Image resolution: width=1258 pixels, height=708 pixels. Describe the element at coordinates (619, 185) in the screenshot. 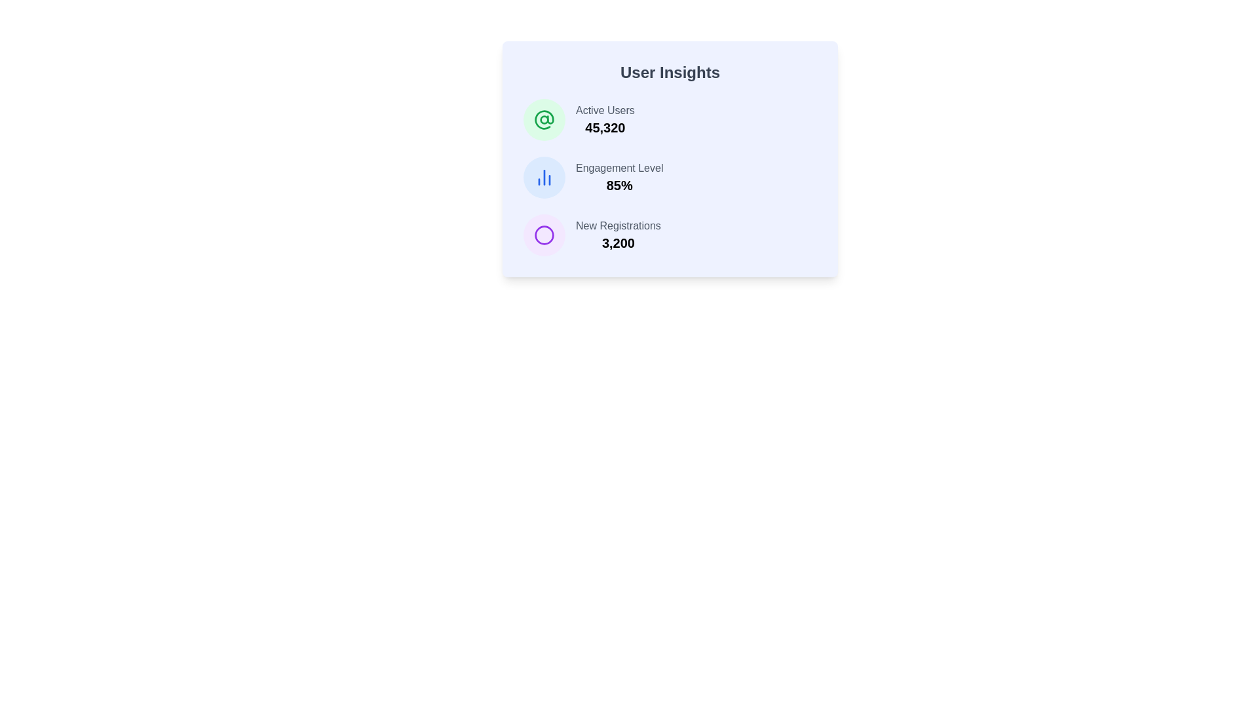

I see `the Text element displaying the engagement level percentage, located in the center column of the 'User Insights' panel, beneath the 'Engagement Level' text` at that location.